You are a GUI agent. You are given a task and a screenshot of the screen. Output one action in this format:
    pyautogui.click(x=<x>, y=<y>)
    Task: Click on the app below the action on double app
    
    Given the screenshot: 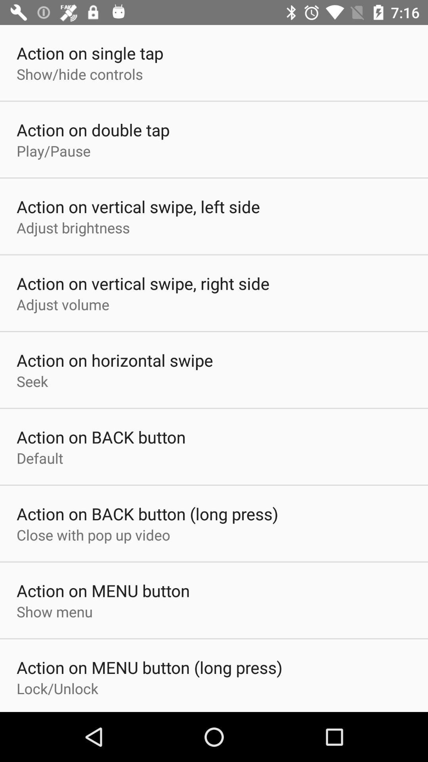 What is the action you would take?
    pyautogui.click(x=53, y=151)
    